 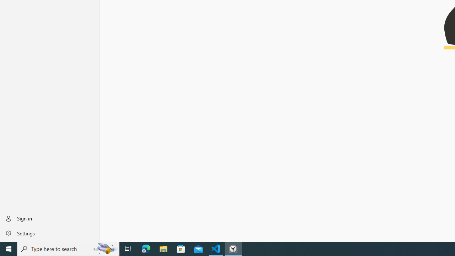 I want to click on 'Start', so click(x=9, y=248).